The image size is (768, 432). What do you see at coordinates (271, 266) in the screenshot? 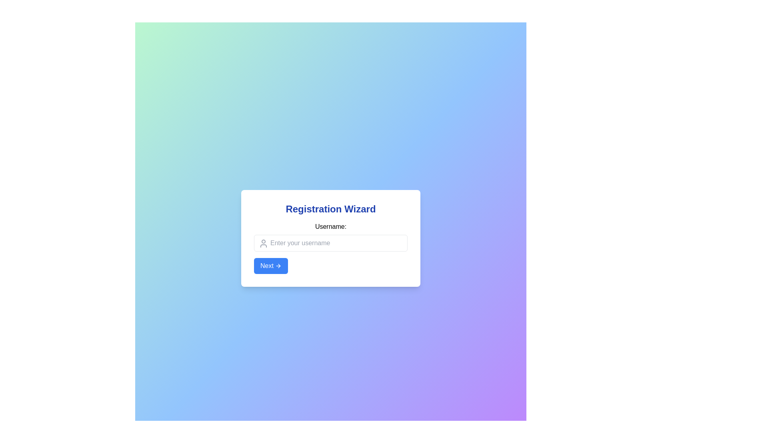
I see `the 'Next' button with a blue background and white text` at bounding box center [271, 266].